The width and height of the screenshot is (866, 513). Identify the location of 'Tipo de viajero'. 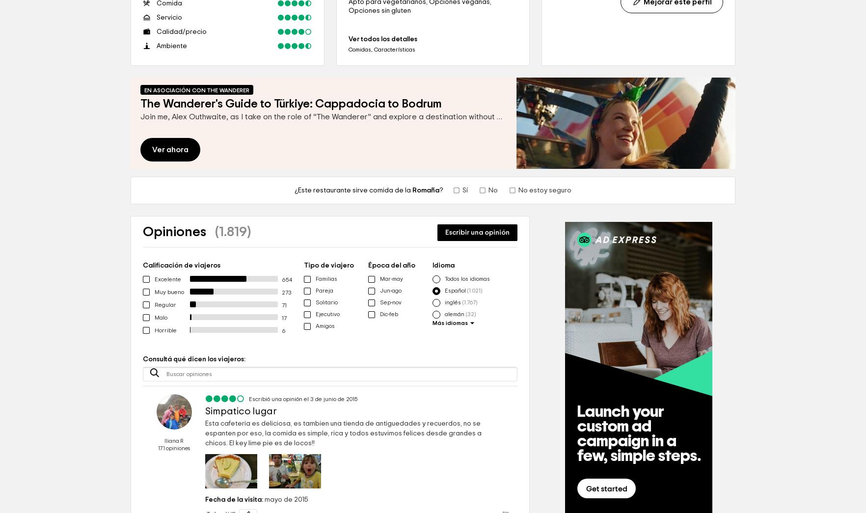
(328, 265).